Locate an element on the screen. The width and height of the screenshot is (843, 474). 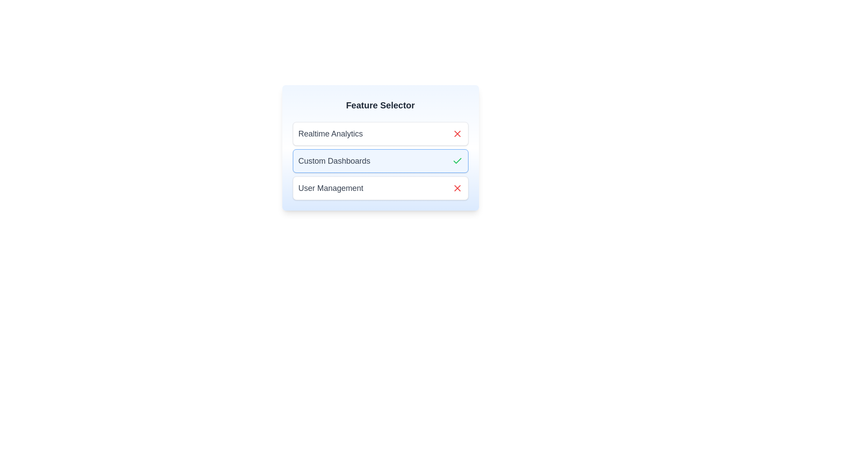
the item labeled Custom Dashboards is located at coordinates (380, 161).